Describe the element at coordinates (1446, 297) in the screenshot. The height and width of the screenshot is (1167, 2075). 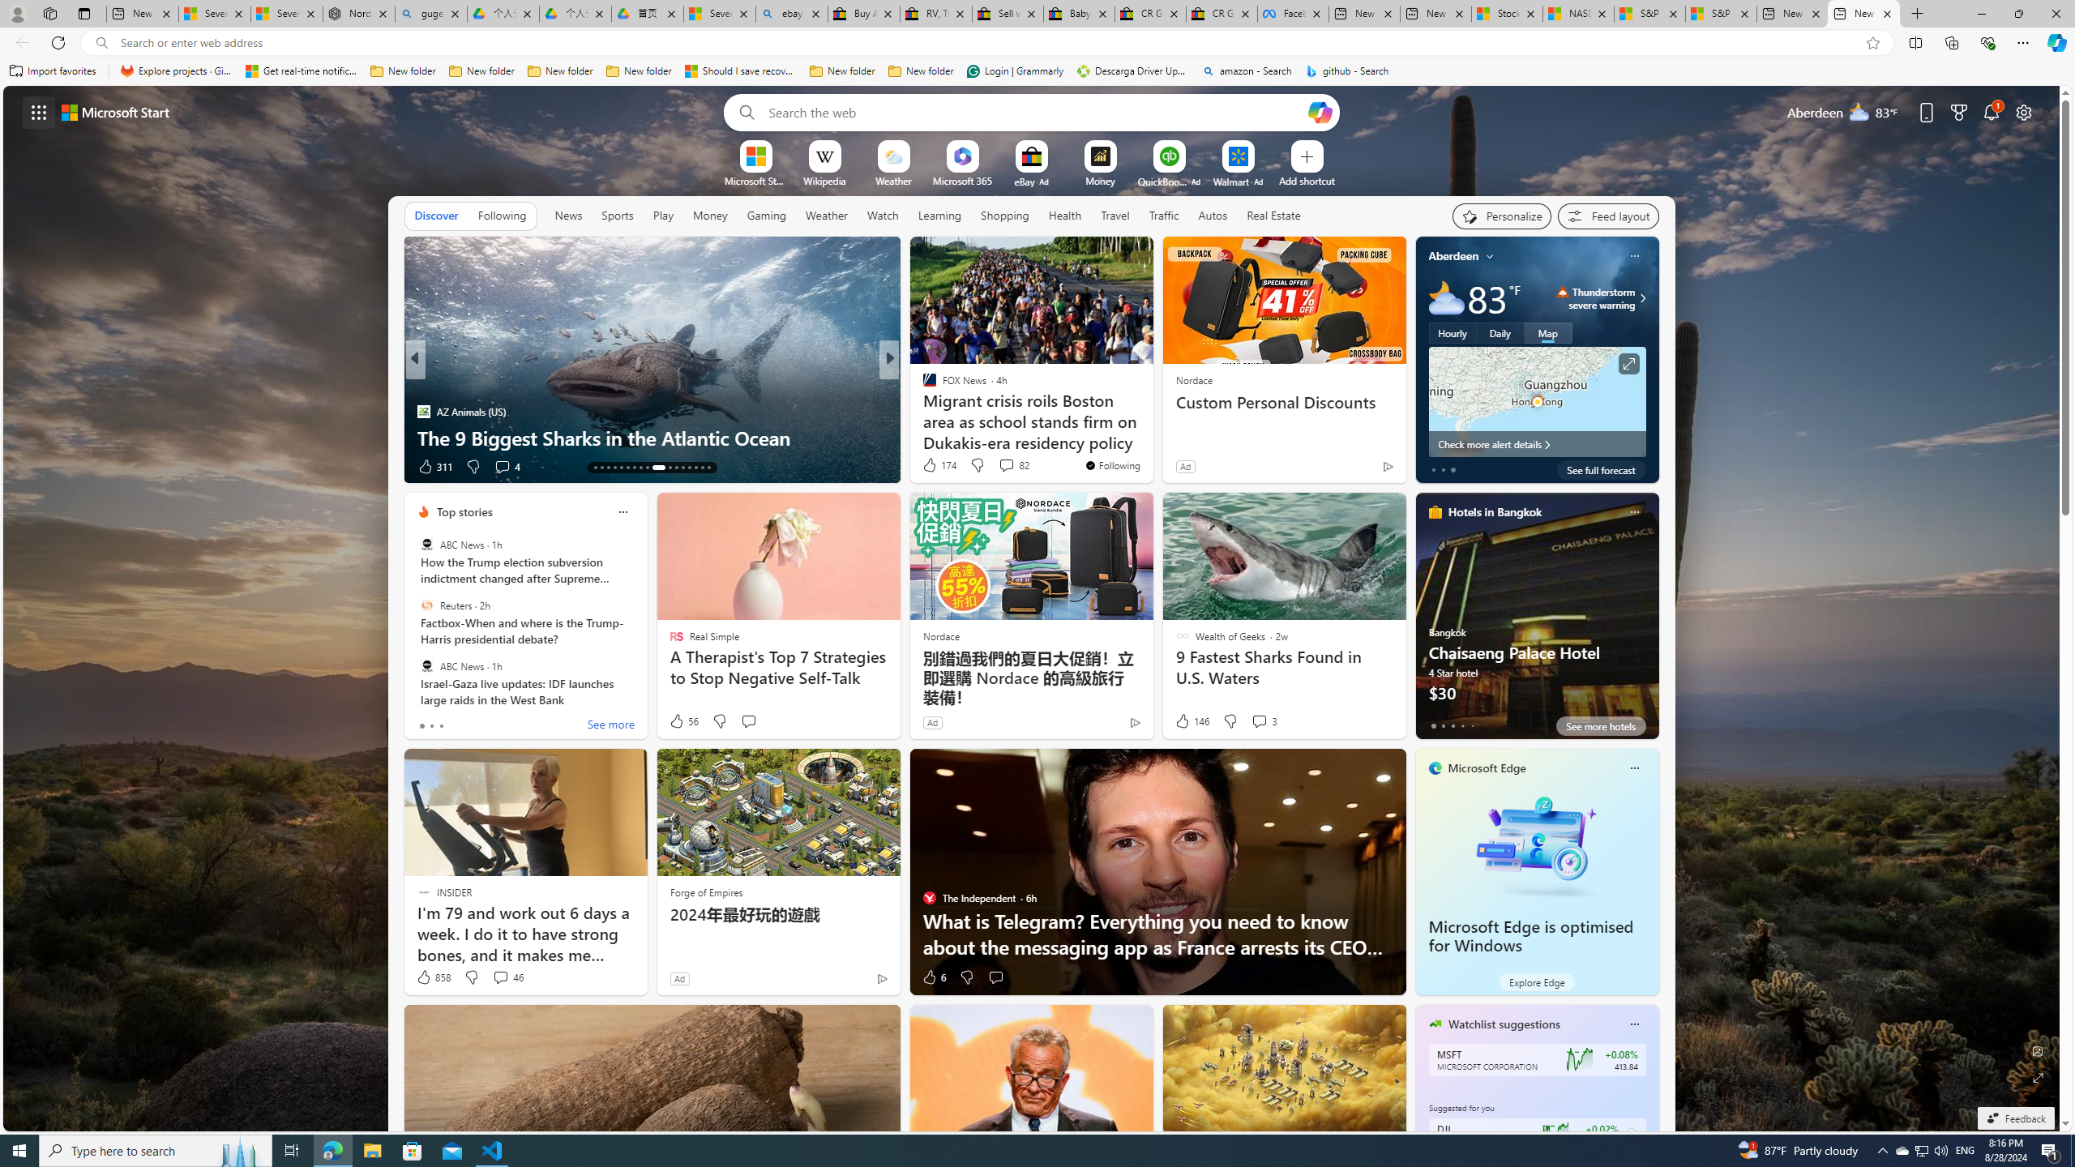
I see `'Mostly cloudy'` at that location.